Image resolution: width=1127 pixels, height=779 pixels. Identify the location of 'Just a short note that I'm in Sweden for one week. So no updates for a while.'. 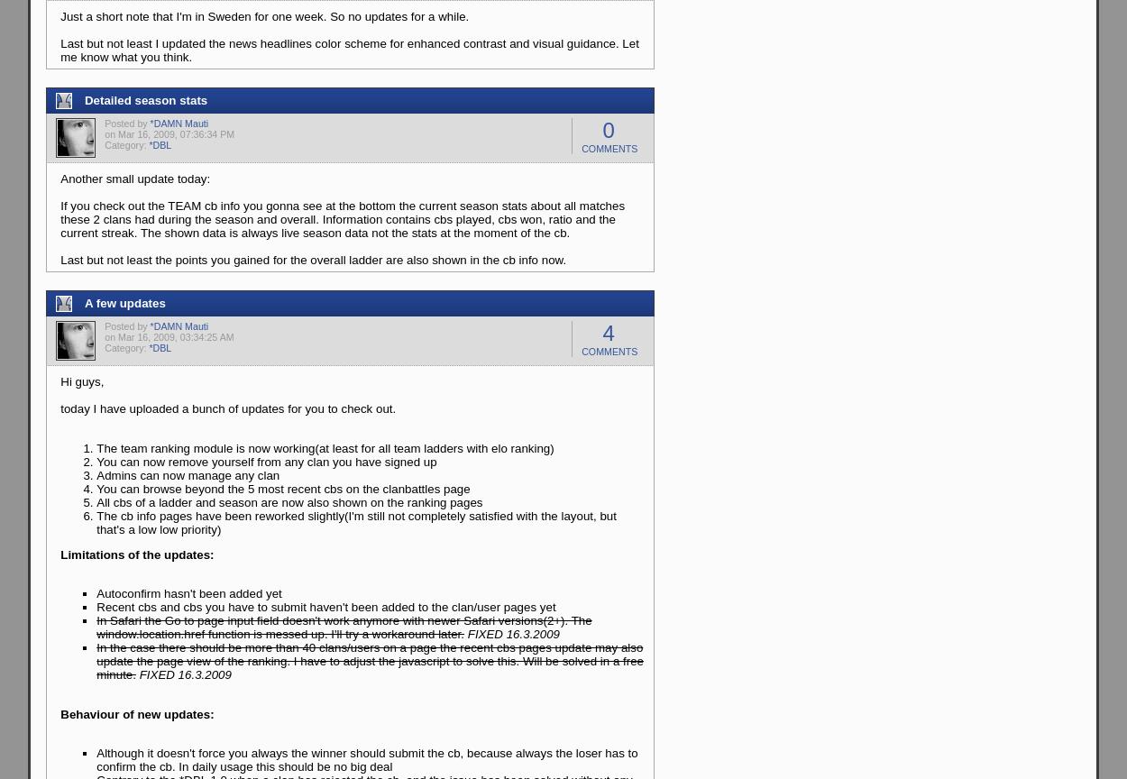
(264, 16).